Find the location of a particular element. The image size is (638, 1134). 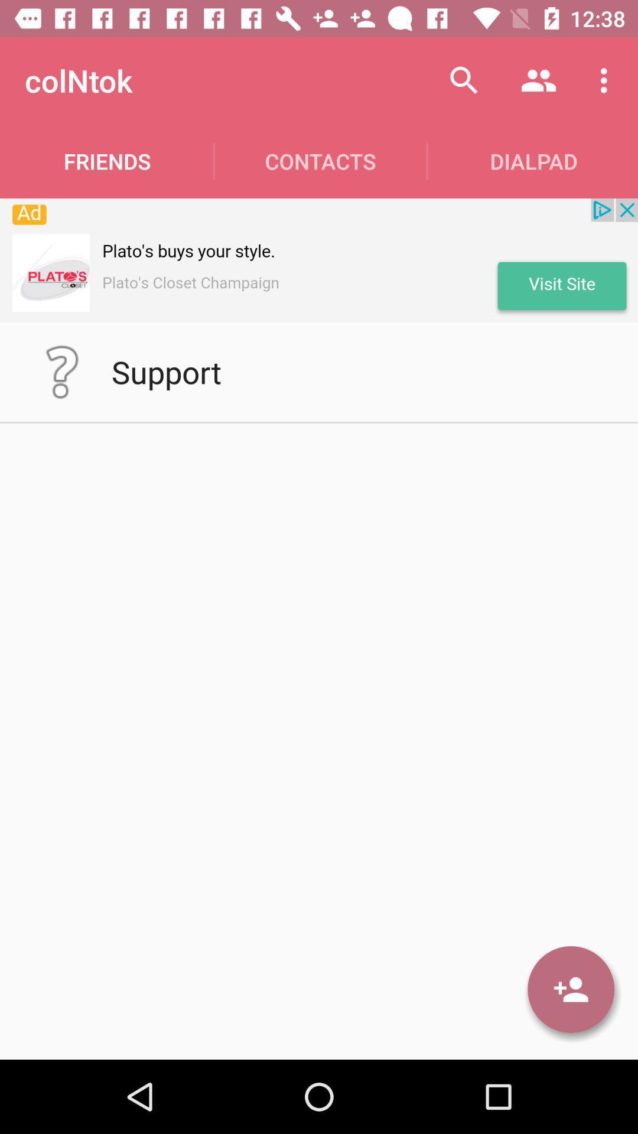

get help is located at coordinates (61, 371).